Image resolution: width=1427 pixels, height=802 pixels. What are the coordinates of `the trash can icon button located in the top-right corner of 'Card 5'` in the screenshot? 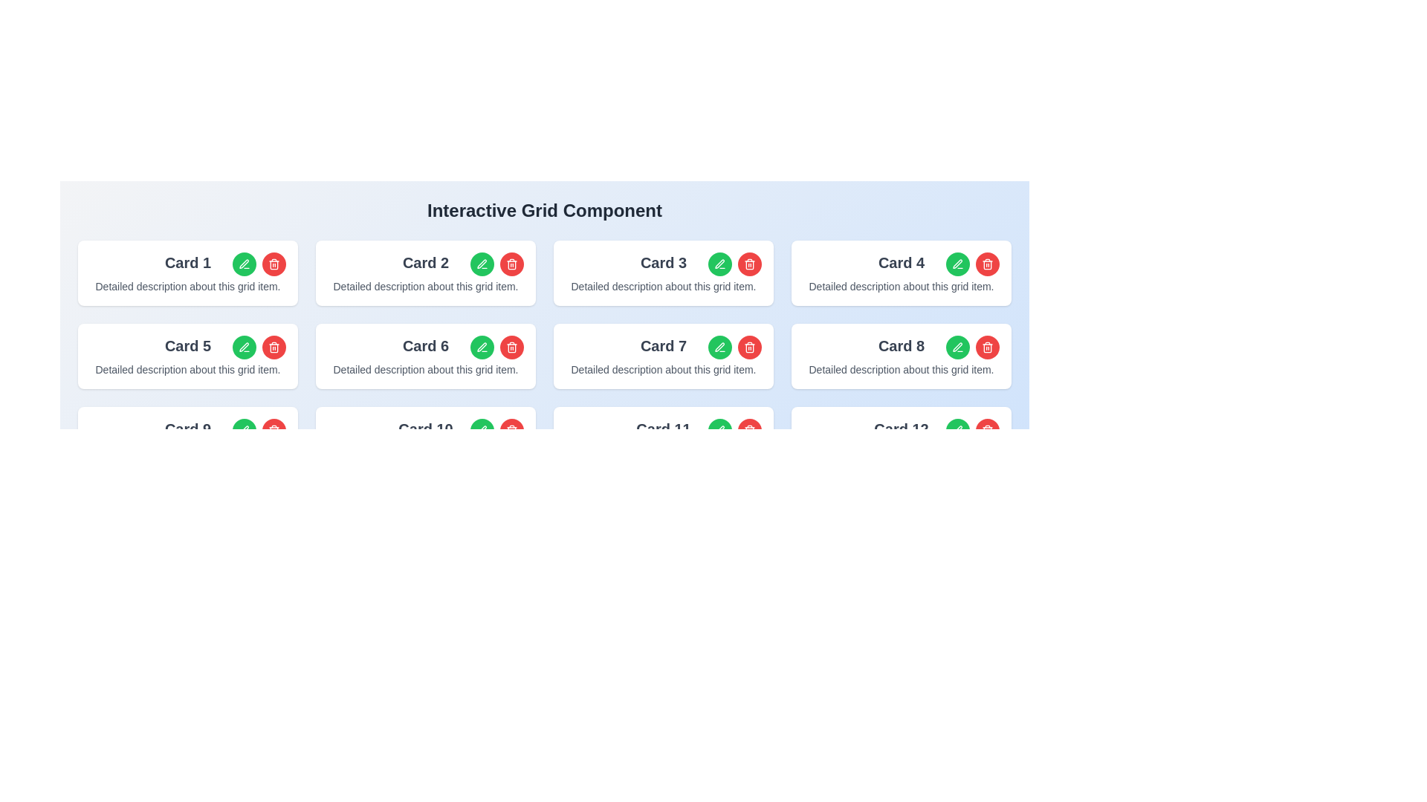 It's located at (274, 347).